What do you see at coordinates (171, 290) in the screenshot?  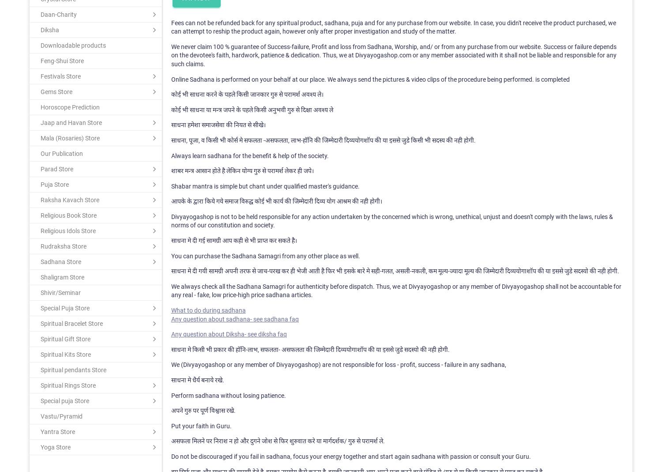 I see `'Thus, we at Divyayogashop 
          or any member of Divyayogashop shall not be accountable for any real -
          fake, low
          price-high price sadhana 
          articles.'` at bounding box center [171, 290].